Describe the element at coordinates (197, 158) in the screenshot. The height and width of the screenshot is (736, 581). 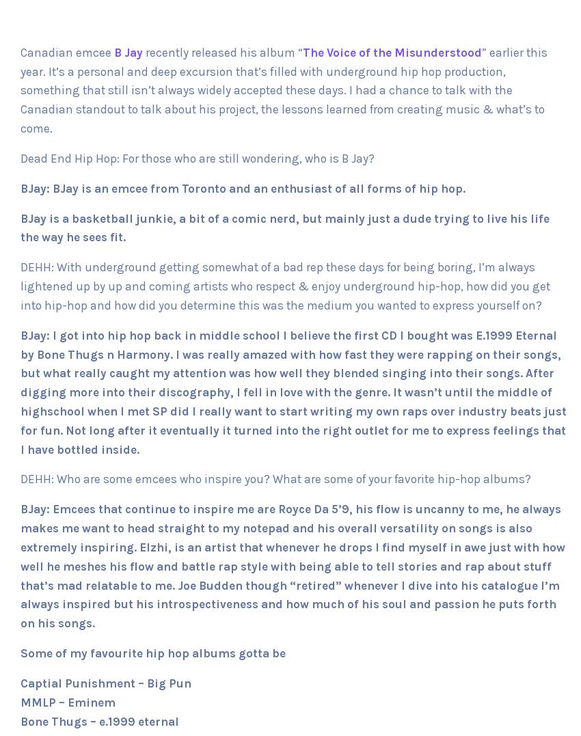
I see `'Dead End Hip Hop: For those who are still wondering, who is B Jay?'` at that location.